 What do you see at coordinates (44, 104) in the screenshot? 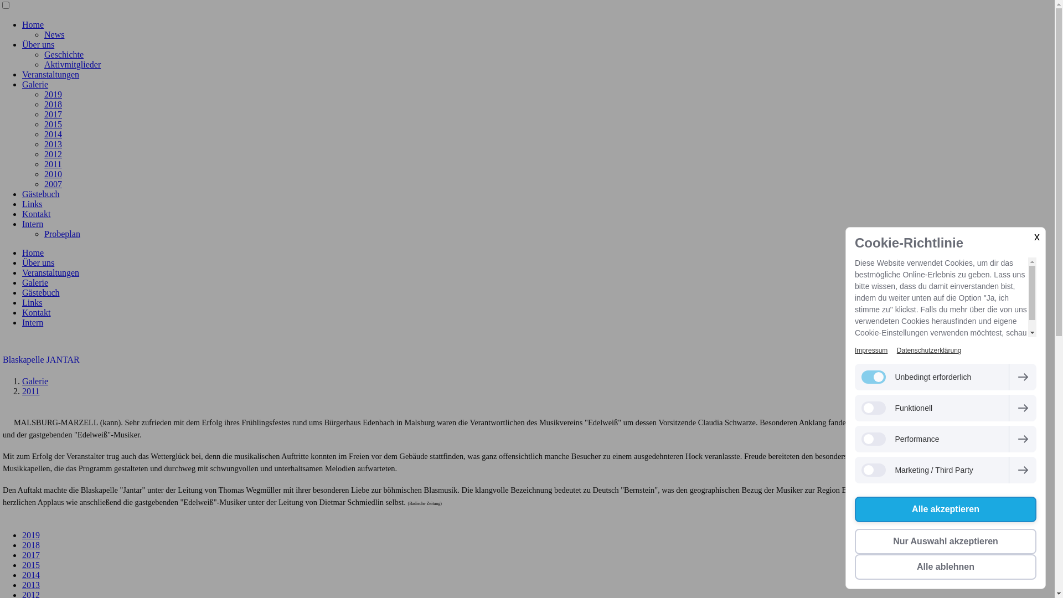
I see `'2018'` at bounding box center [44, 104].